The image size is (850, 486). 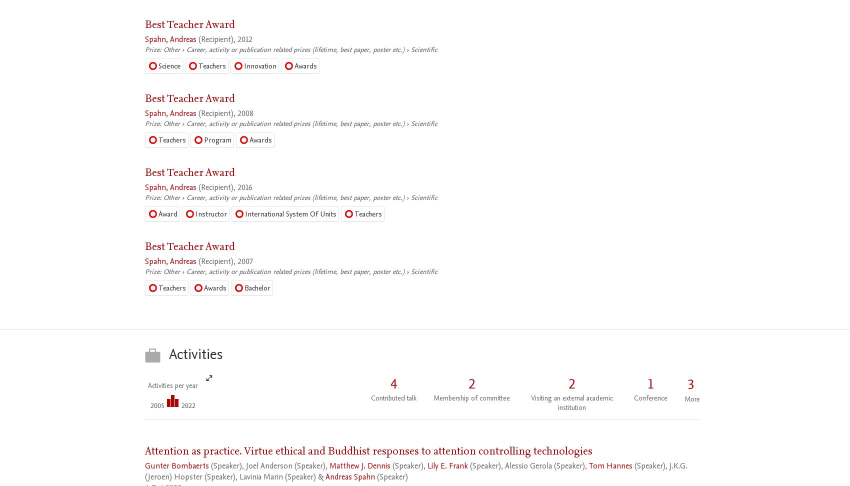 I want to click on '(Speaker) &', so click(x=282, y=476).